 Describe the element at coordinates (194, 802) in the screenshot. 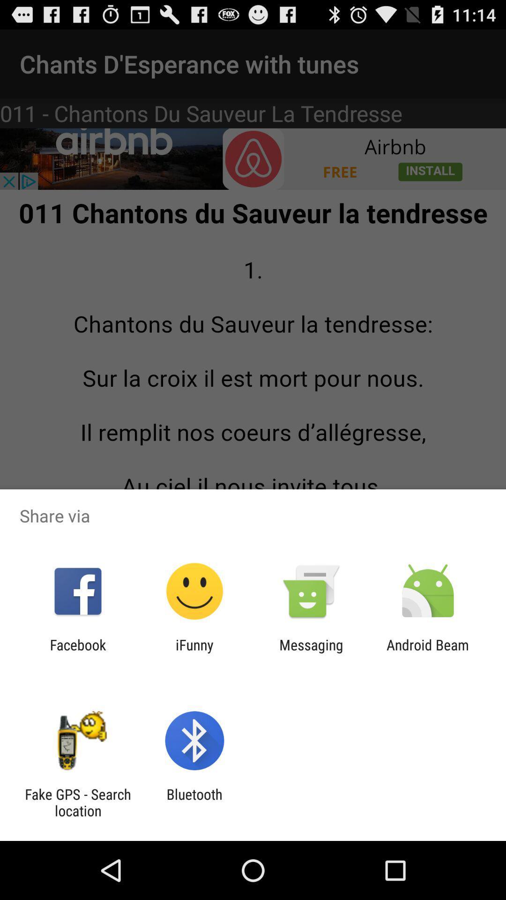

I see `app next to fake gps search icon` at that location.